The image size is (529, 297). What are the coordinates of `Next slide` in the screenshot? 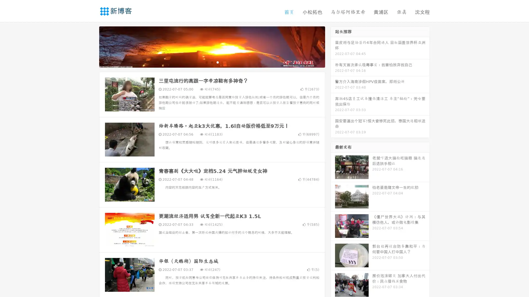 It's located at (333, 46).